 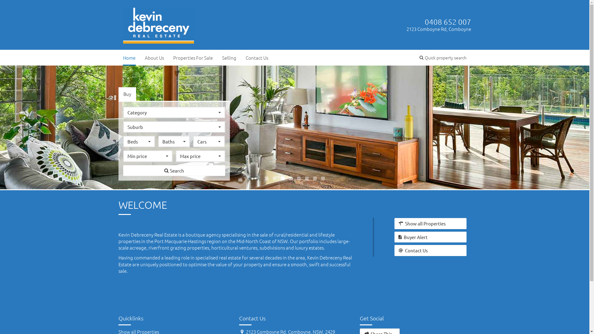 I want to click on 'Show all Properties', so click(x=430, y=223).